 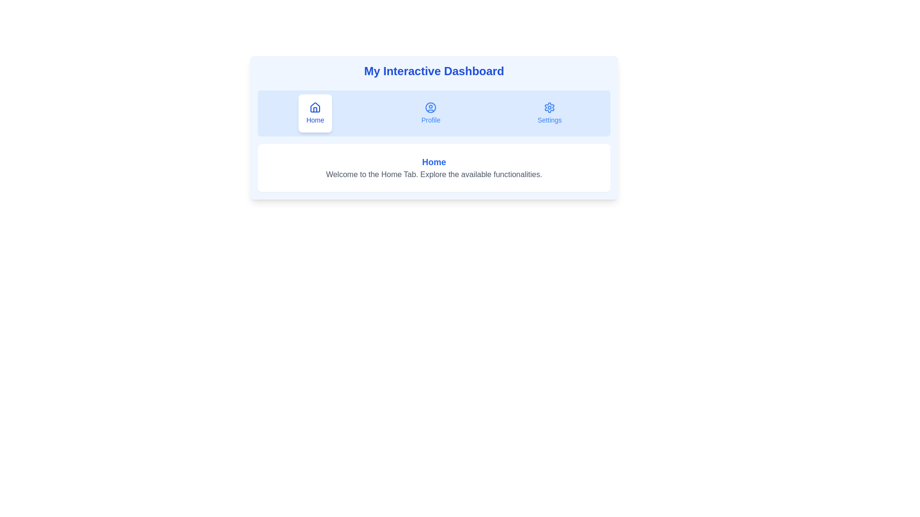 What do you see at coordinates (430, 112) in the screenshot?
I see `the Profile tab by clicking its button` at bounding box center [430, 112].